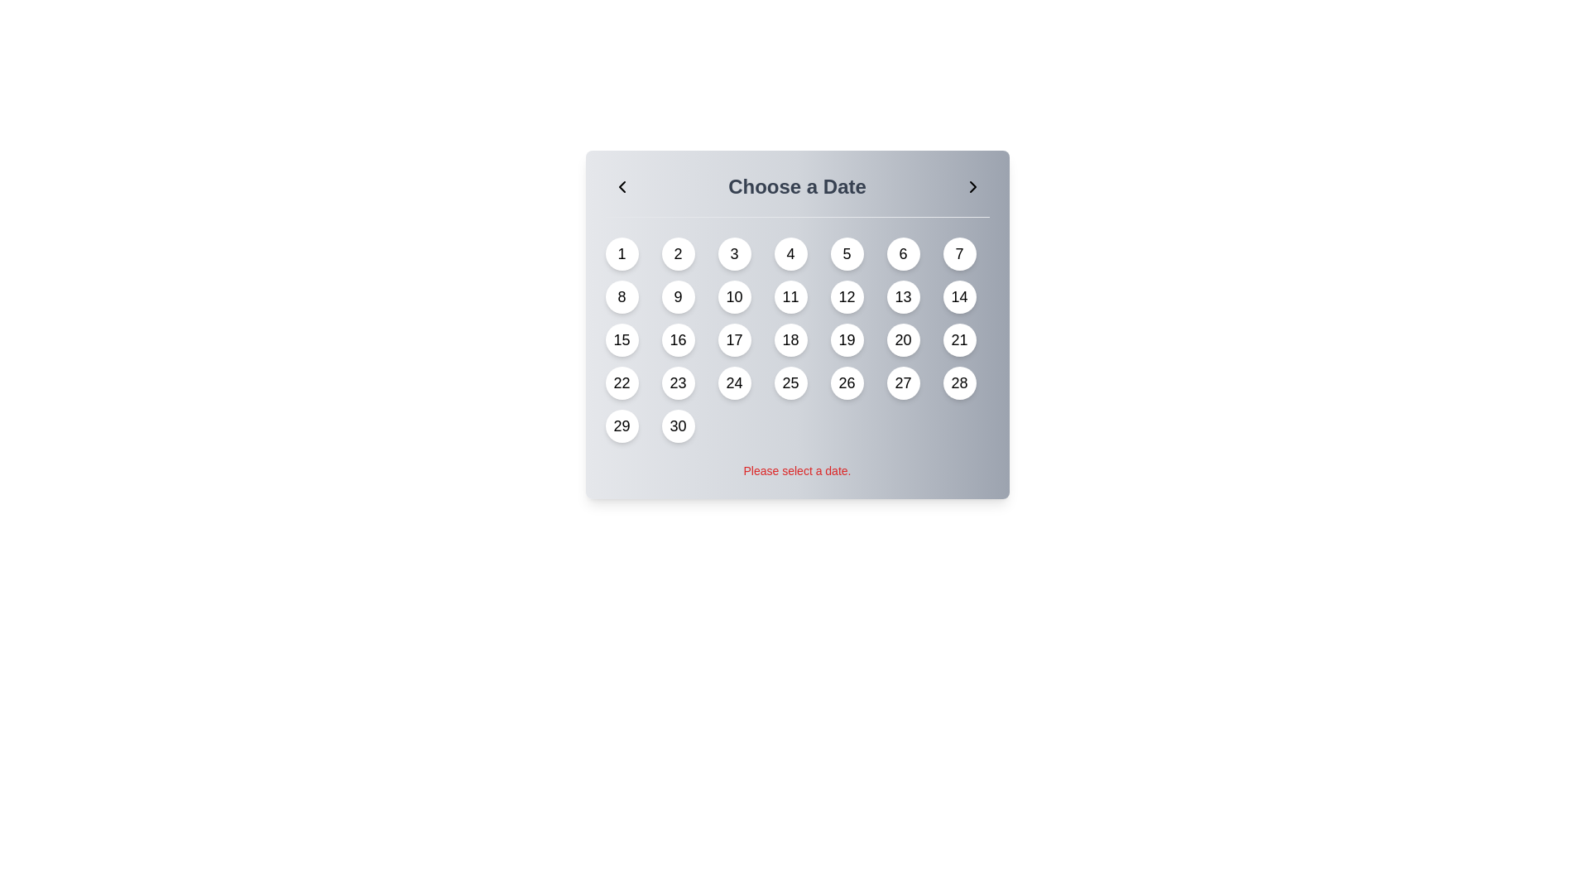 The height and width of the screenshot is (894, 1589). I want to click on the circular button displaying the number '25', so click(790, 382).